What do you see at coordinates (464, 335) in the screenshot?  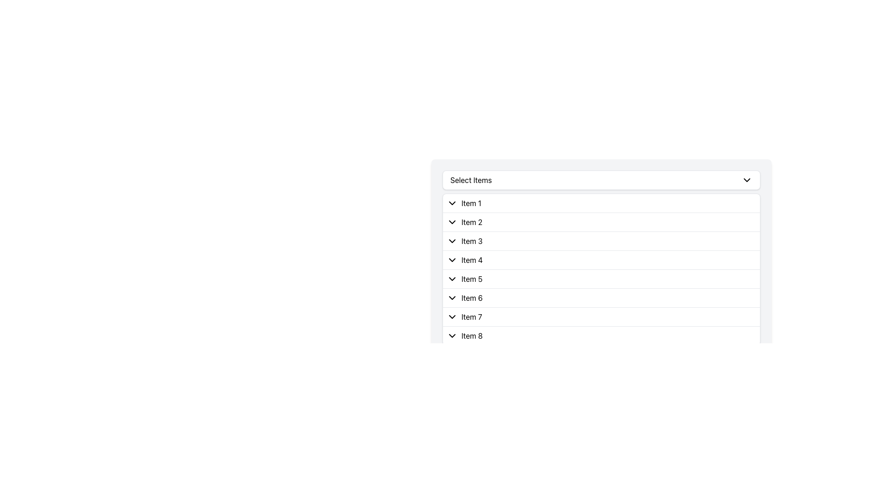 I see `the dropdown icon preceding the text 'Item 8'` at bounding box center [464, 335].